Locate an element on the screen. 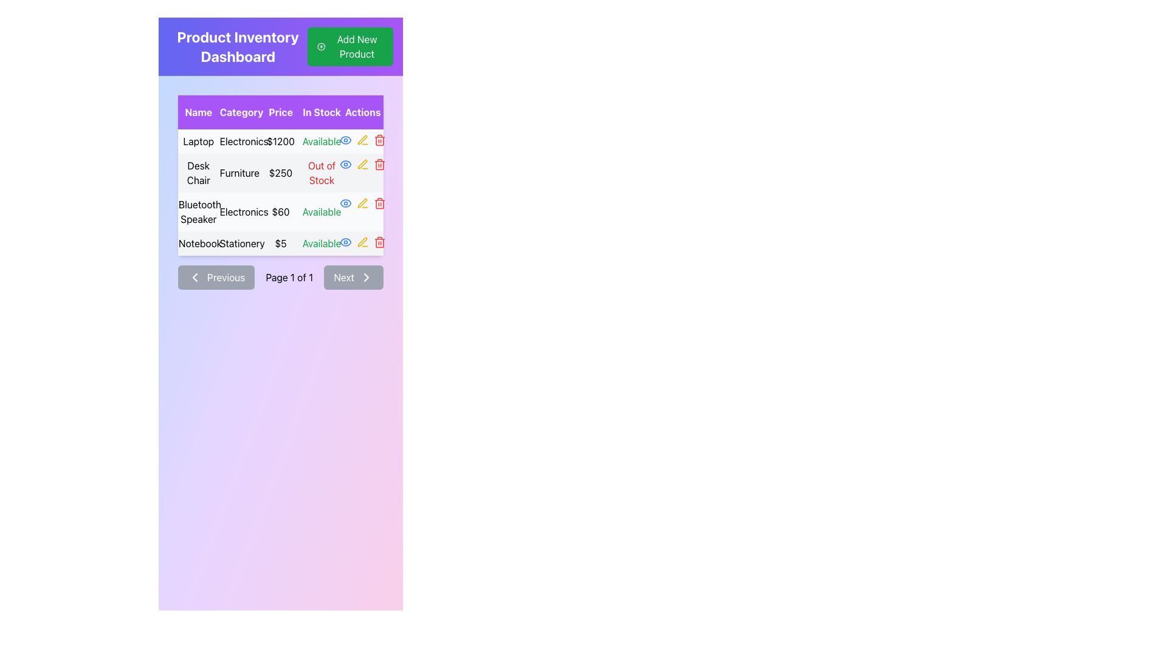 The width and height of the screenshot is (1167, 656). the blue circular eye icon located in the 'Actions' column of the fourth row in the table for the product 'Notebook' is located at coordinates (345, 242).